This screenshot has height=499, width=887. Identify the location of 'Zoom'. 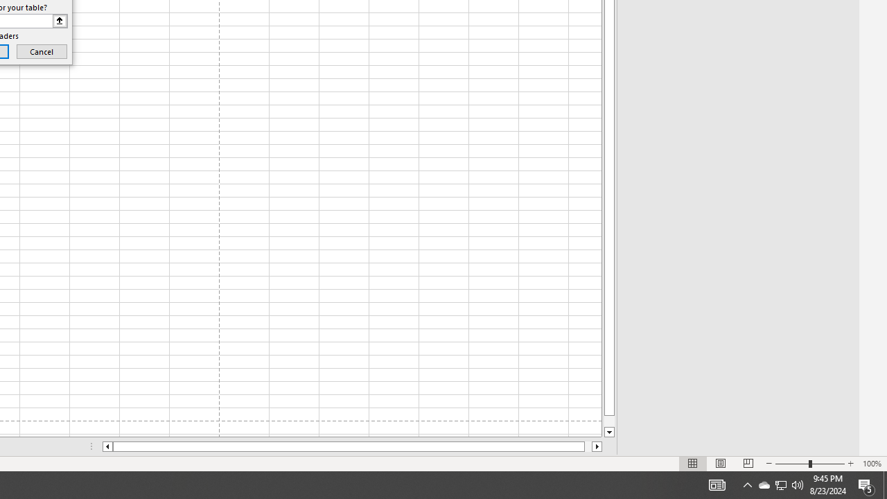
(809, 464).